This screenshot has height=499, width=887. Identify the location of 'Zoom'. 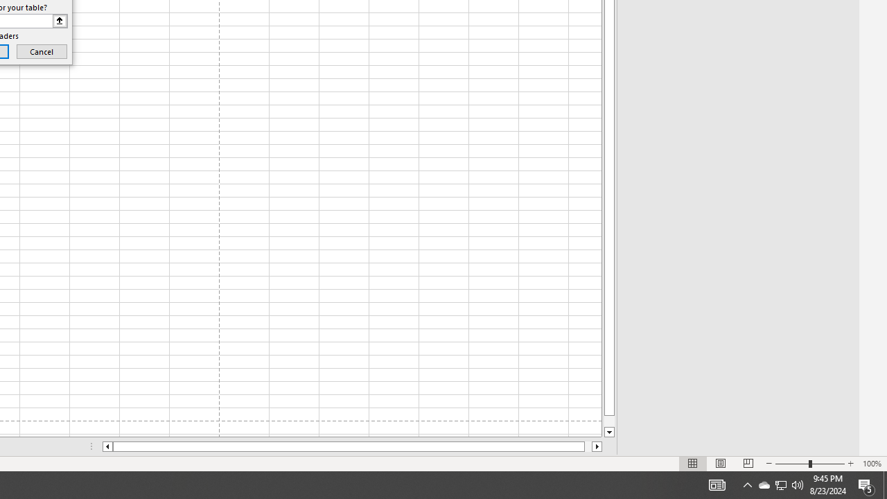
(809, 464).